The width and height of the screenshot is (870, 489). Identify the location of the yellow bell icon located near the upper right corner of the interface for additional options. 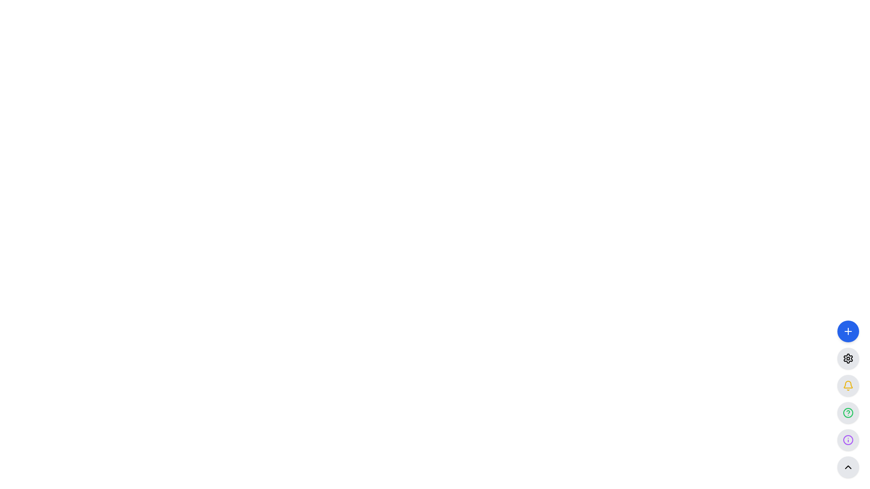
(848, 384).